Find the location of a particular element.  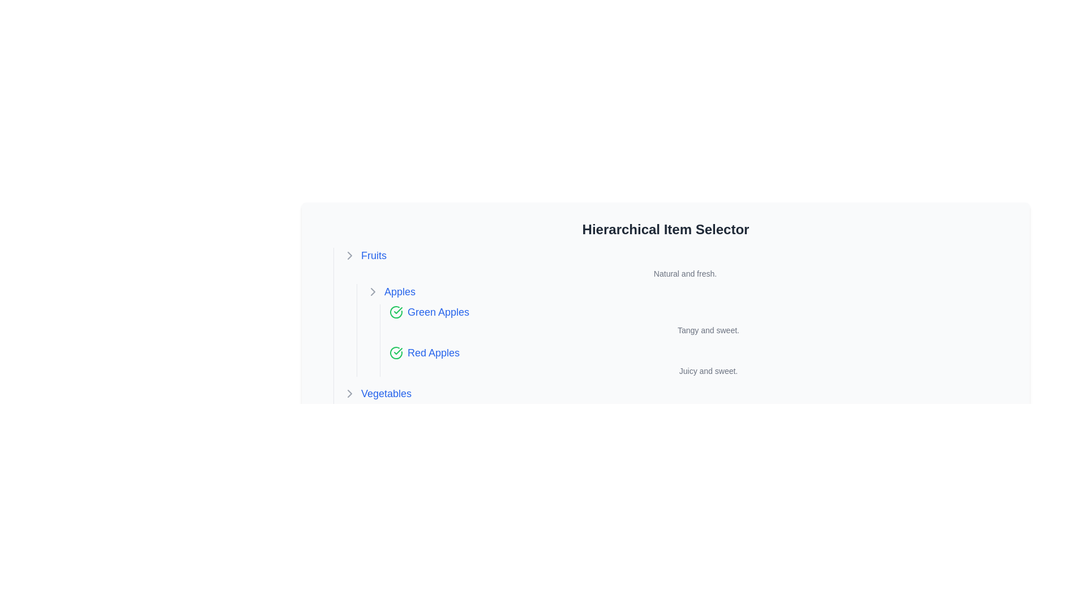

the text label displaying 'Green Apples' is located at coordinates (438, 312).